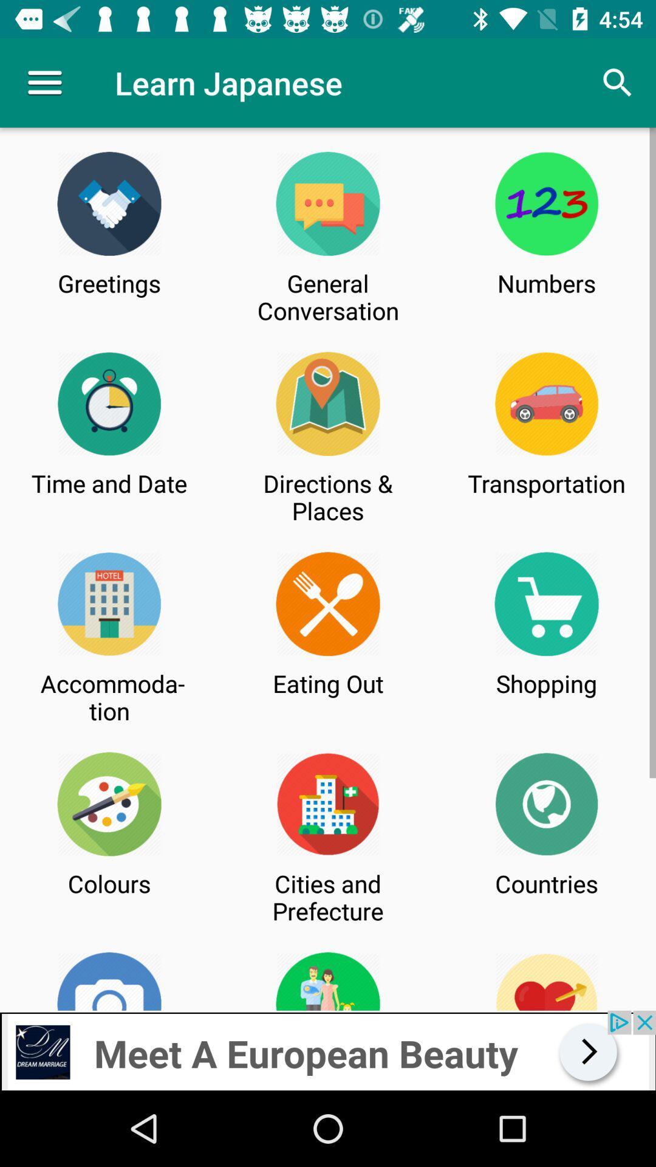  Describe the element at coordinates (328, 804) in the screenshot. I see `the image which is above the cities and prefecture` at that location.